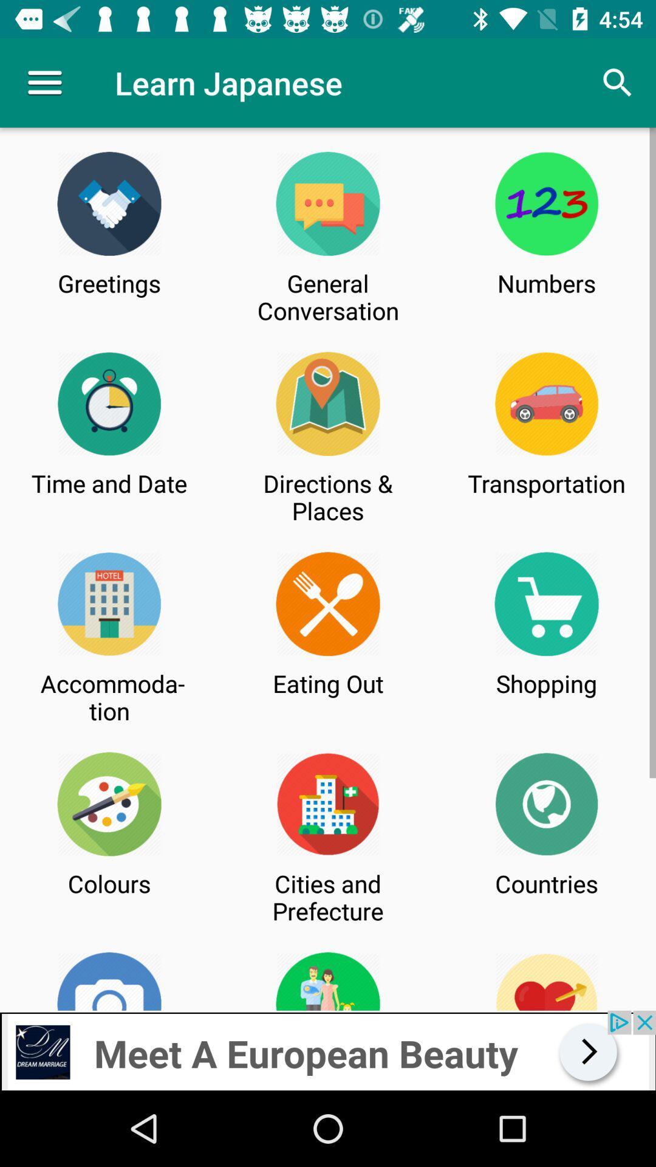  Describe the element at coordinates (328, 804) in the screenshot. I see `the image which is above the cities and prefecture` at that location.